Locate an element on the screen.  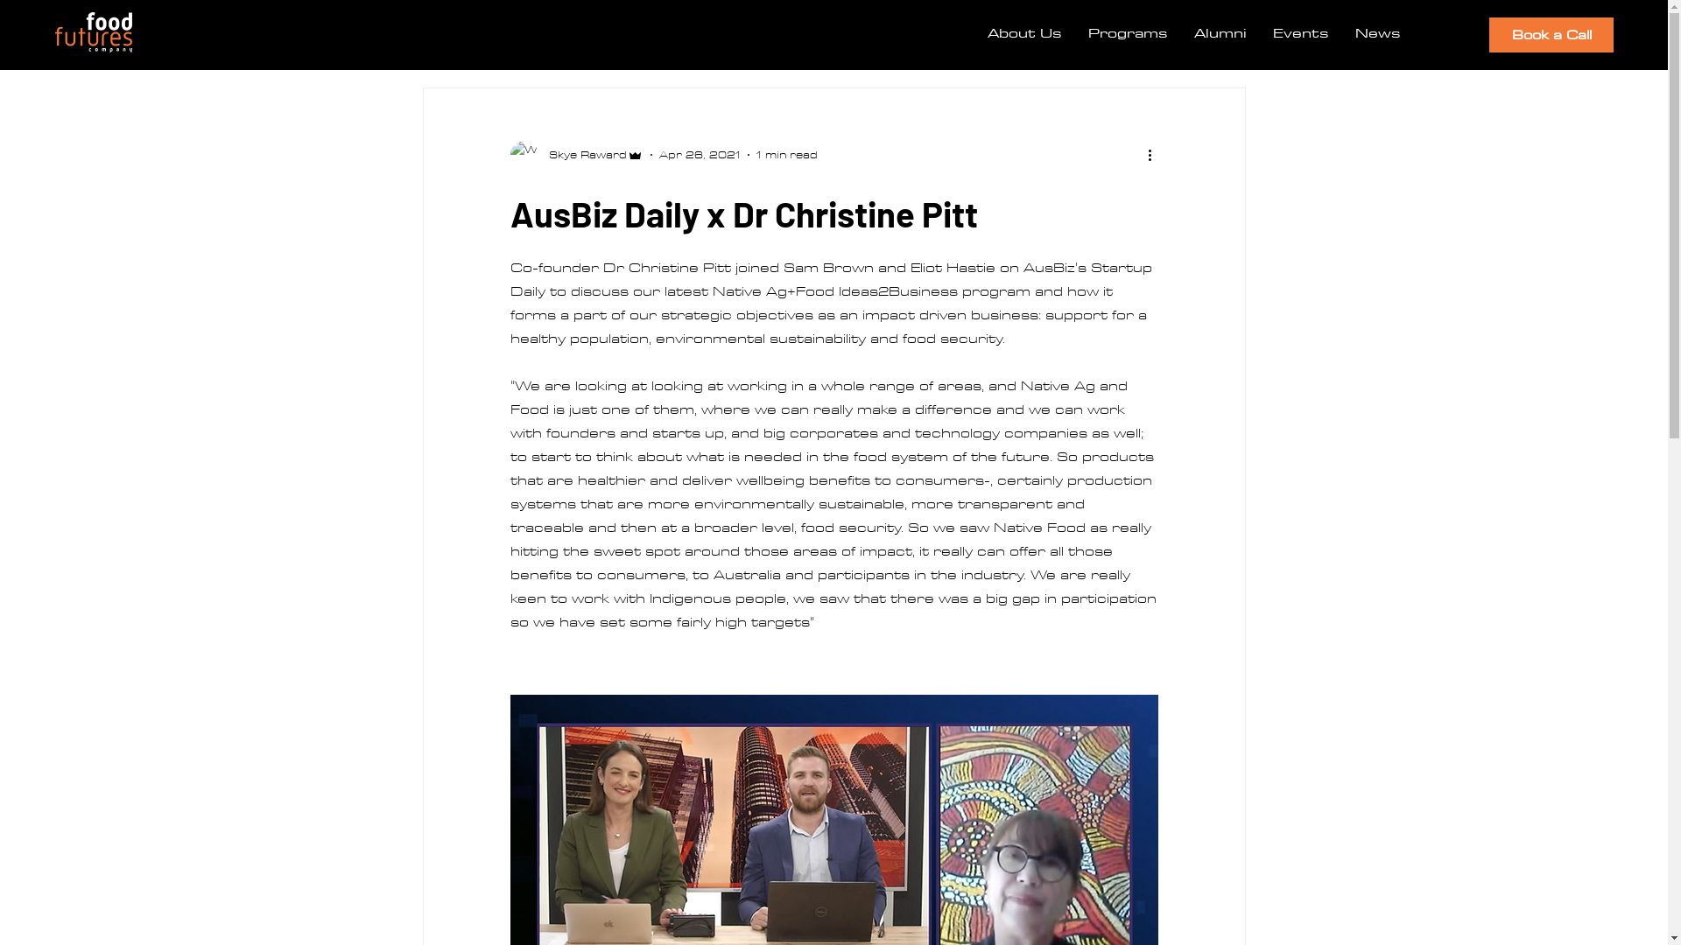
'News' is located at coordinates (1377, 32).